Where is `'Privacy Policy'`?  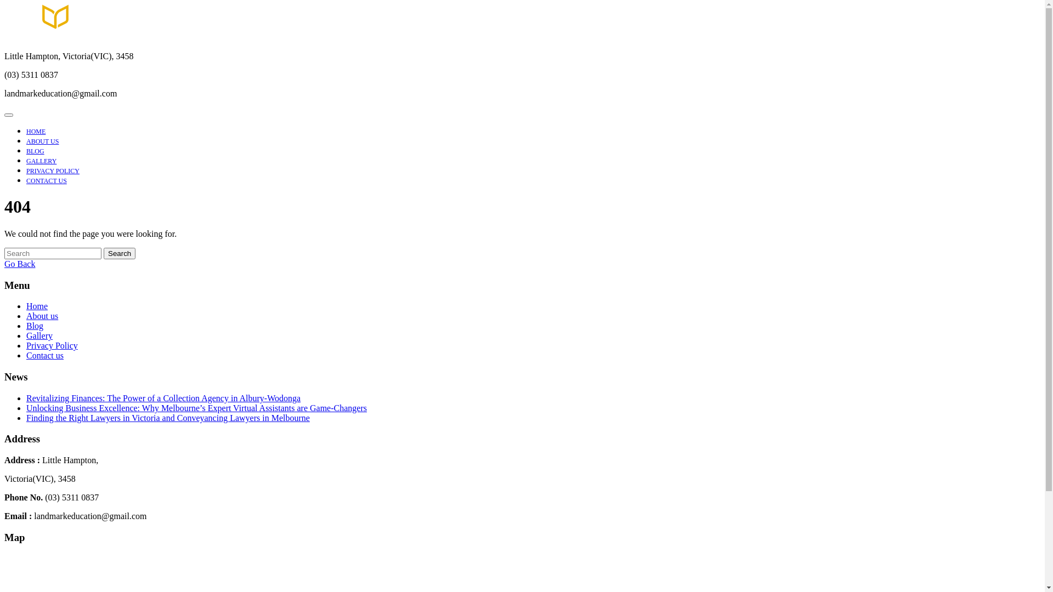 'Privacy Policy' is located at coordinates (26, 345).